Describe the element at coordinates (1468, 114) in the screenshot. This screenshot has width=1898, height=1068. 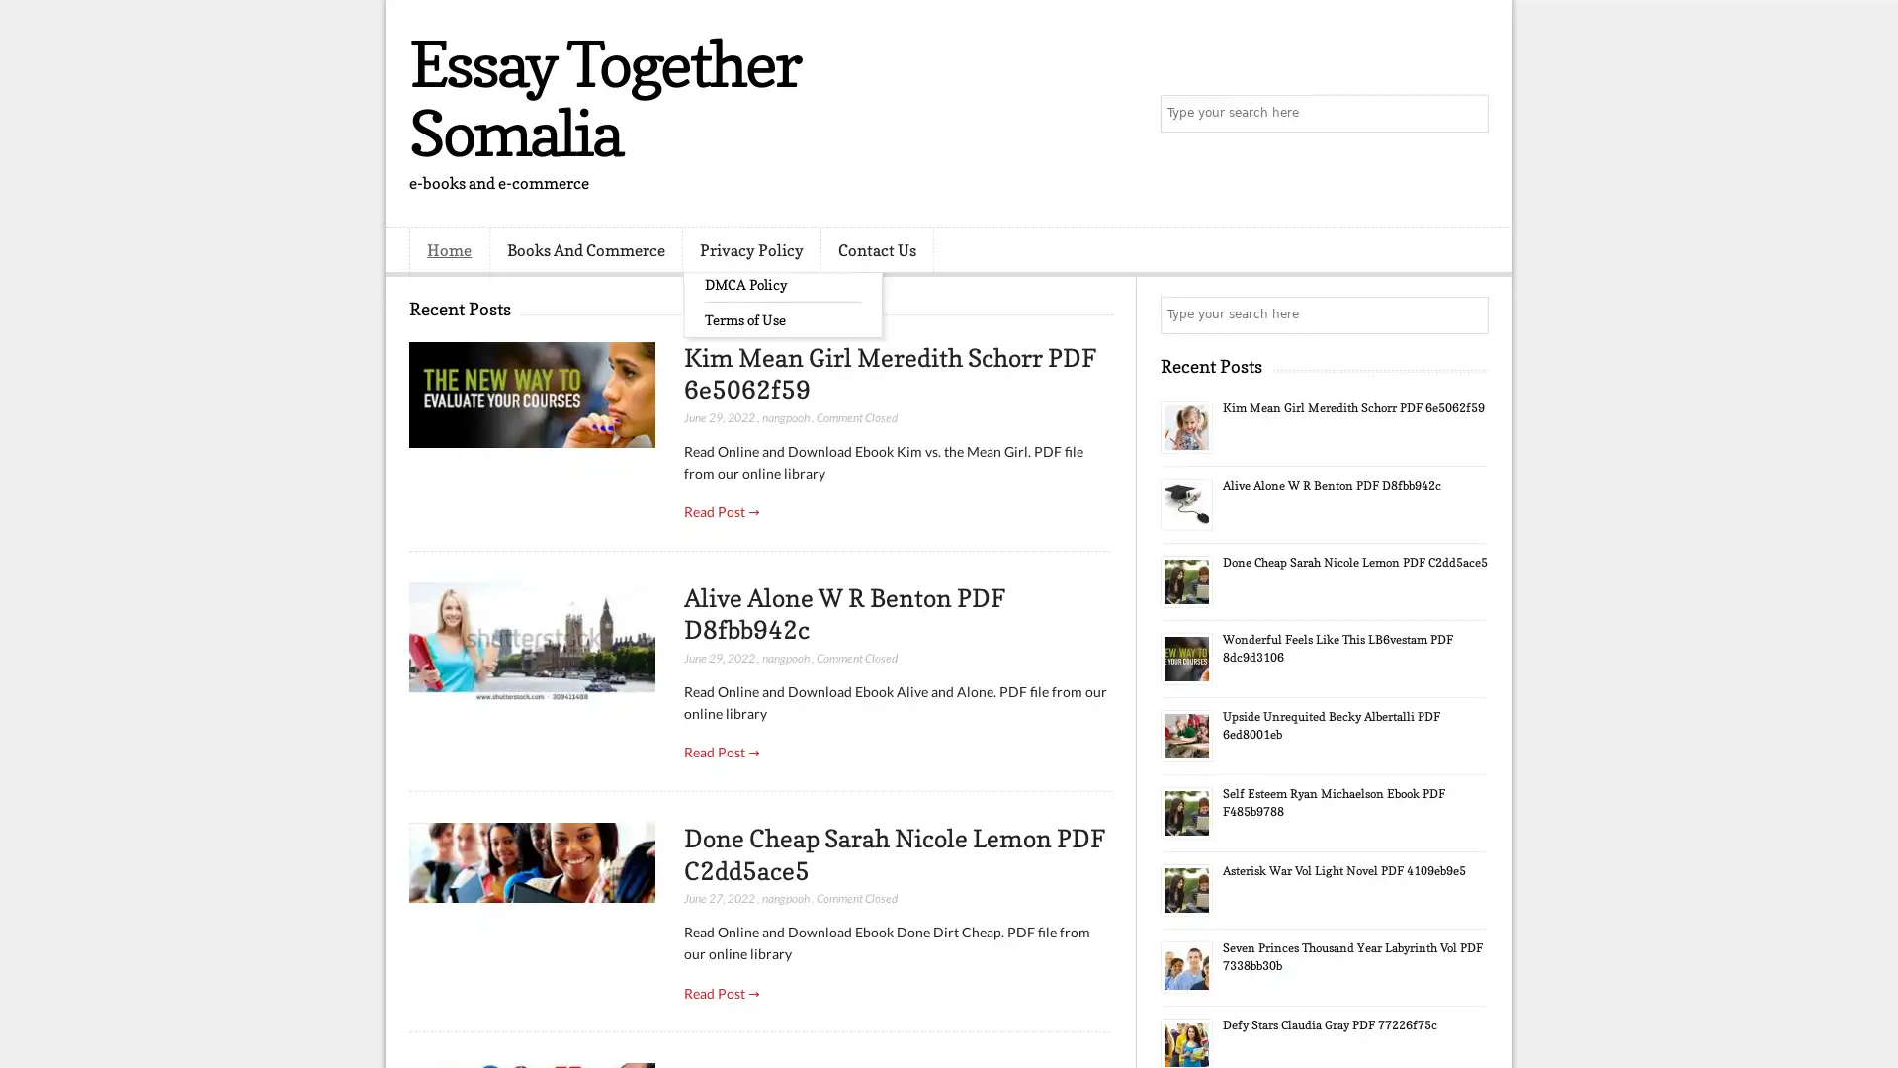
I see `Search` at that location.